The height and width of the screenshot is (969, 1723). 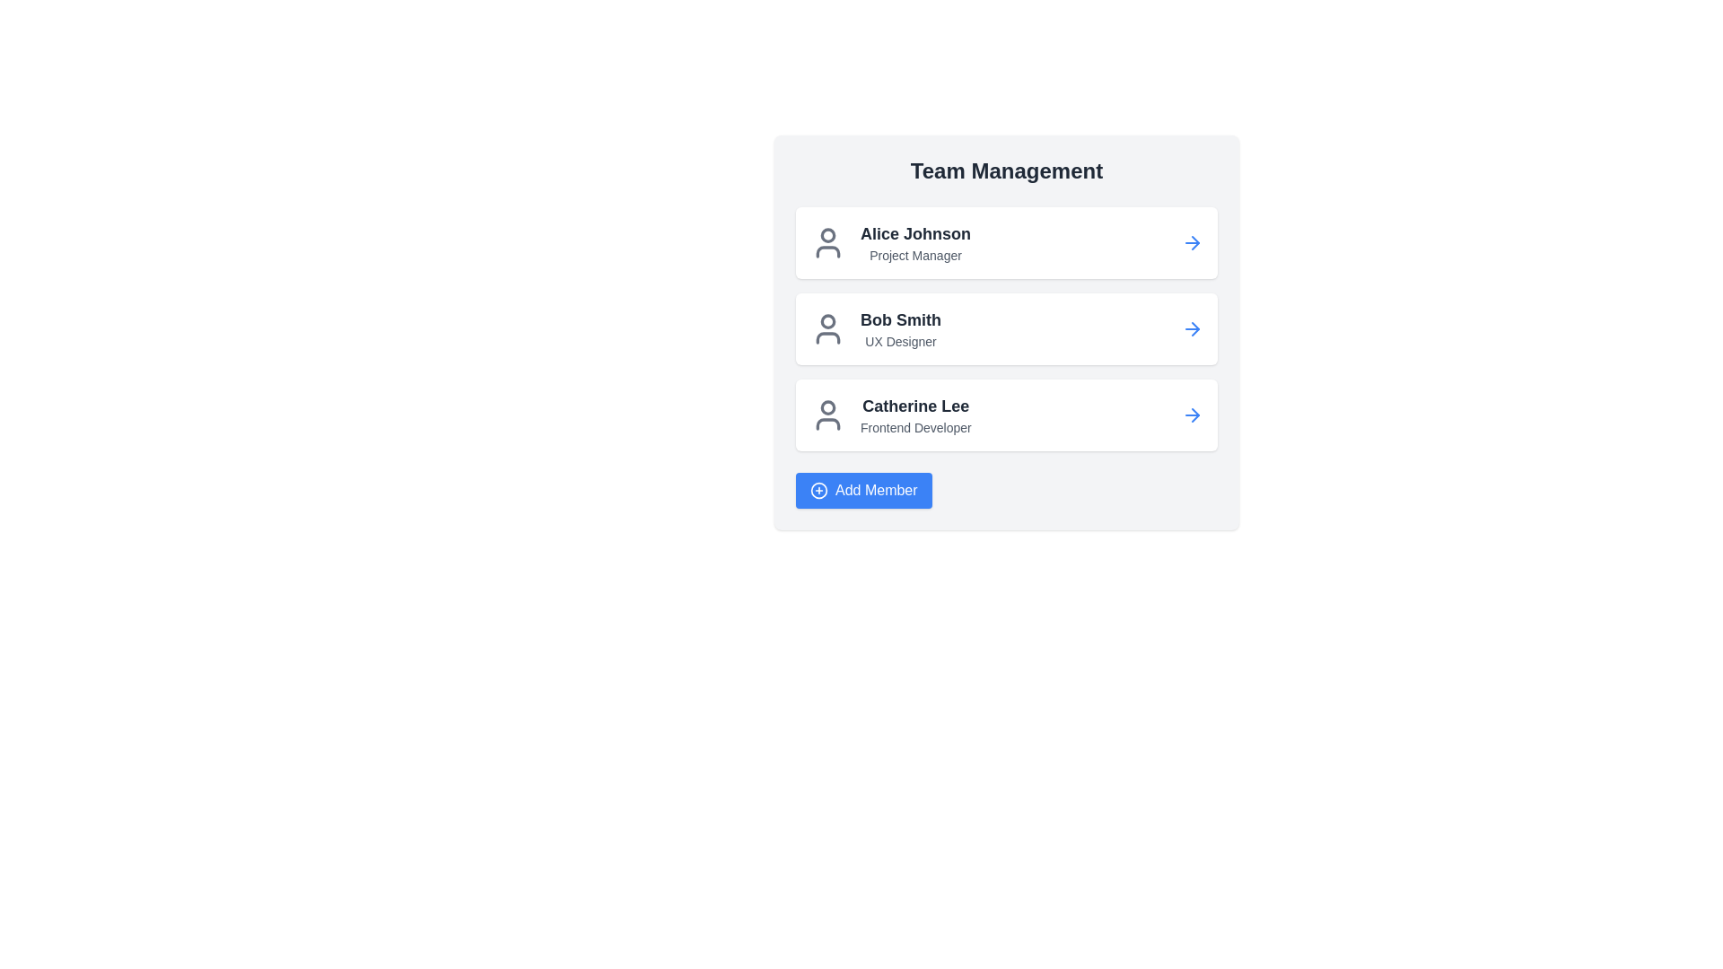 I want to click on text label containing the name 'Catherine Lee' and title 'Frontend Developer' which is located in the third row under 'Team Management', so click(x=915, y=415).